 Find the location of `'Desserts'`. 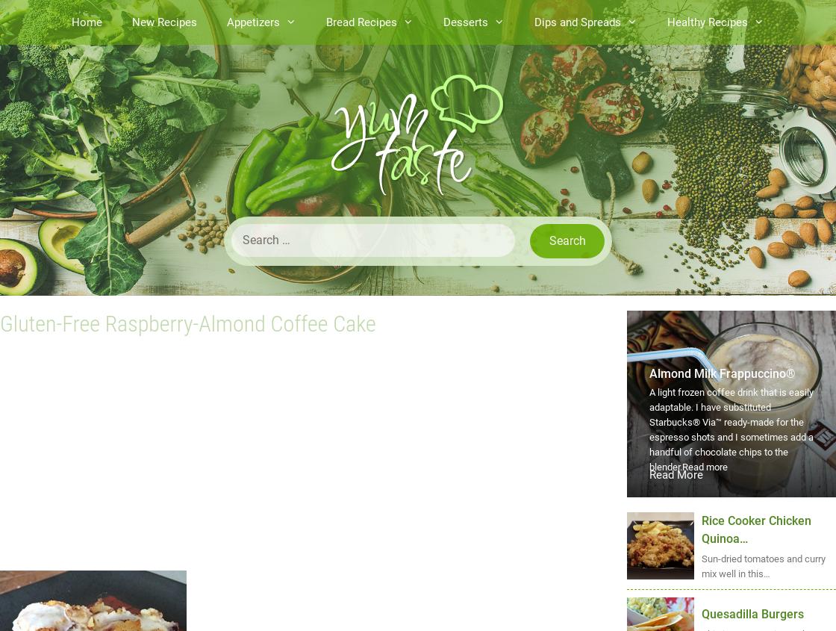

'Desserts' is located at coordinates (465, 21).